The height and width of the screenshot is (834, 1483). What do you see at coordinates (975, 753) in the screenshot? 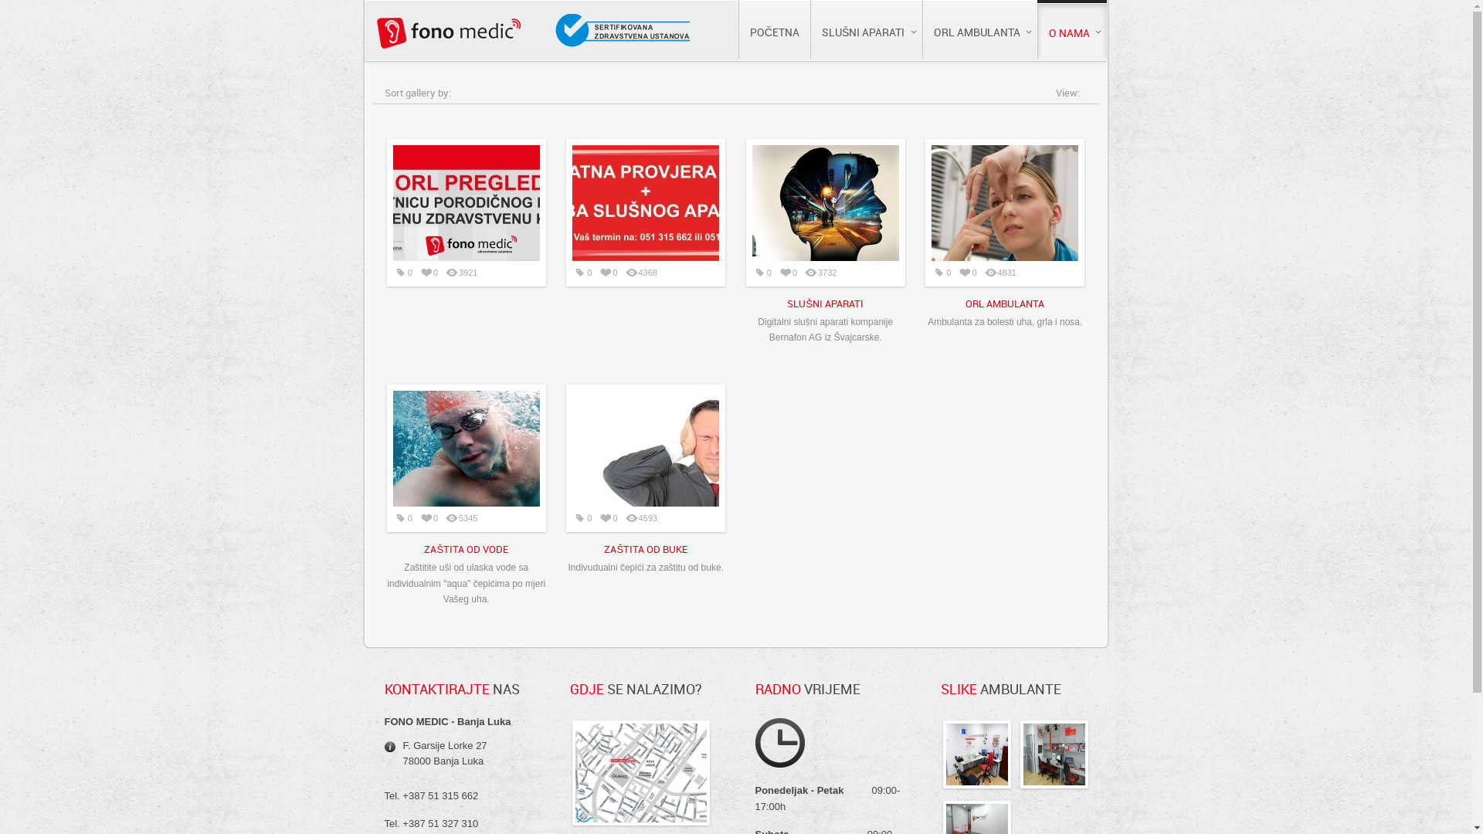
I see `' :: ORL ordinacija'` at bounding box center [975, 753].